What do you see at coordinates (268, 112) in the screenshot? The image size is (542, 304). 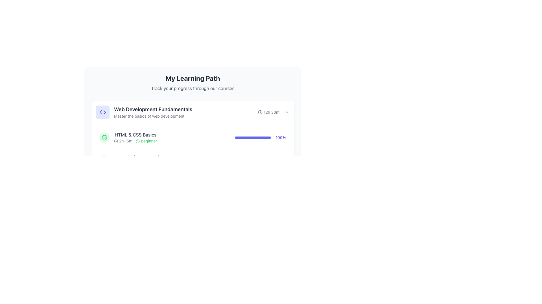 I see `the Text with Icon element displaying '12h 30m' indicating a duration, which includes a clock icon on the left side, located in the top-right area of the 'Web Development Fundamentals' section` at bounding box center [268, 112].